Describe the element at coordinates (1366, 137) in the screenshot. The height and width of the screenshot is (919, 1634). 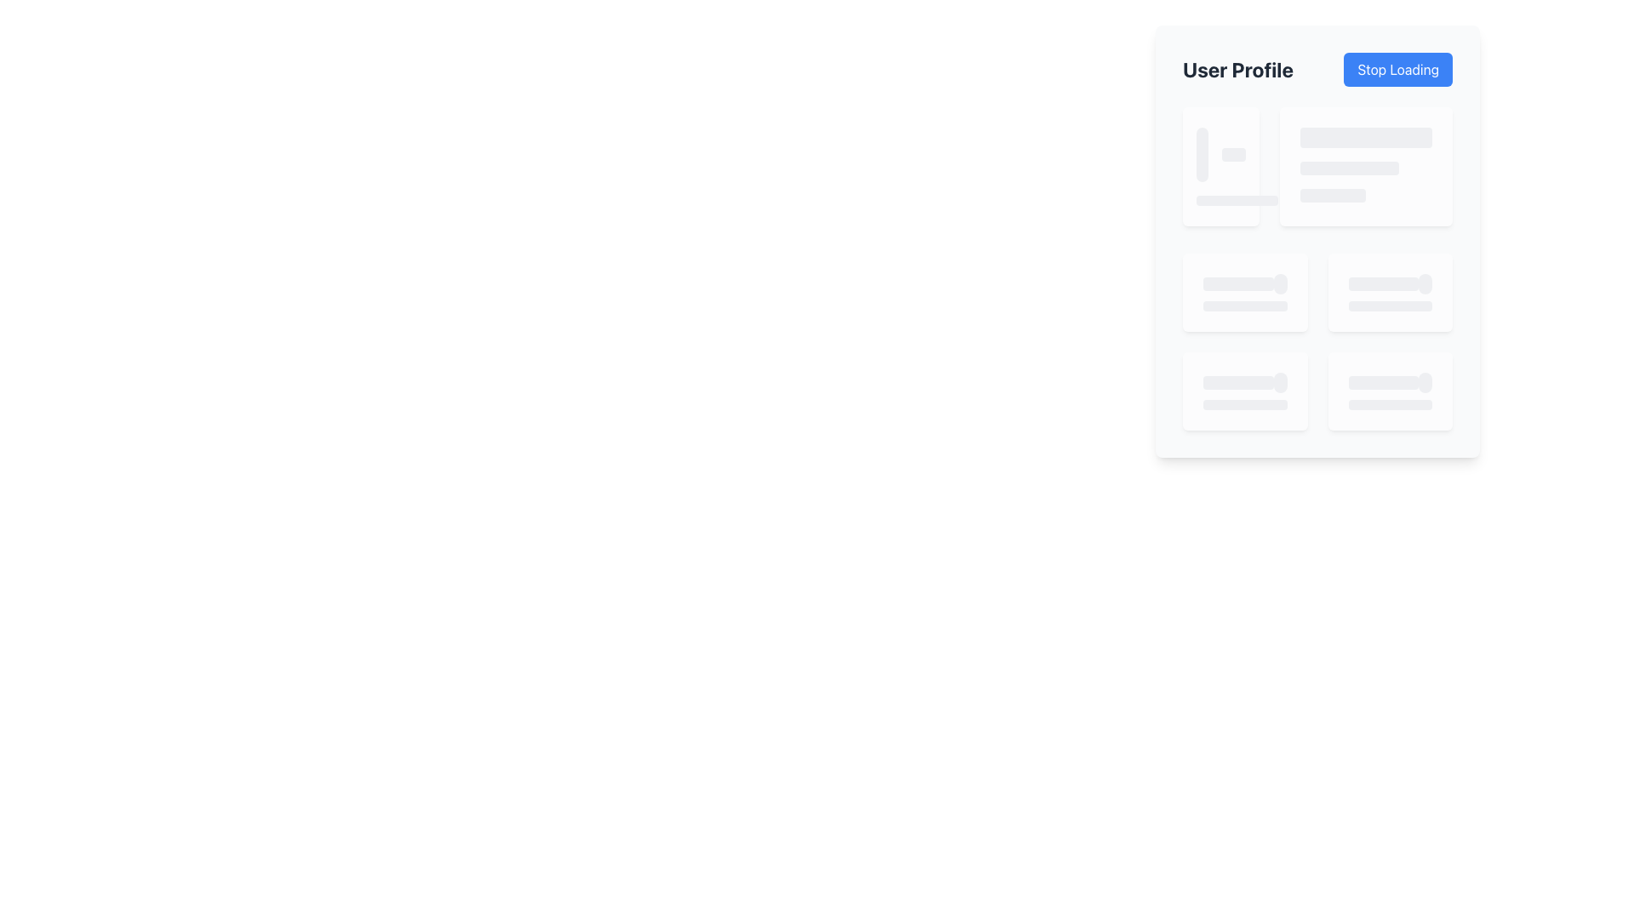
I see `the Loading Placeholder element located at the top of the 'User Profile' section, which is a mockup for content that is loading` at that location.